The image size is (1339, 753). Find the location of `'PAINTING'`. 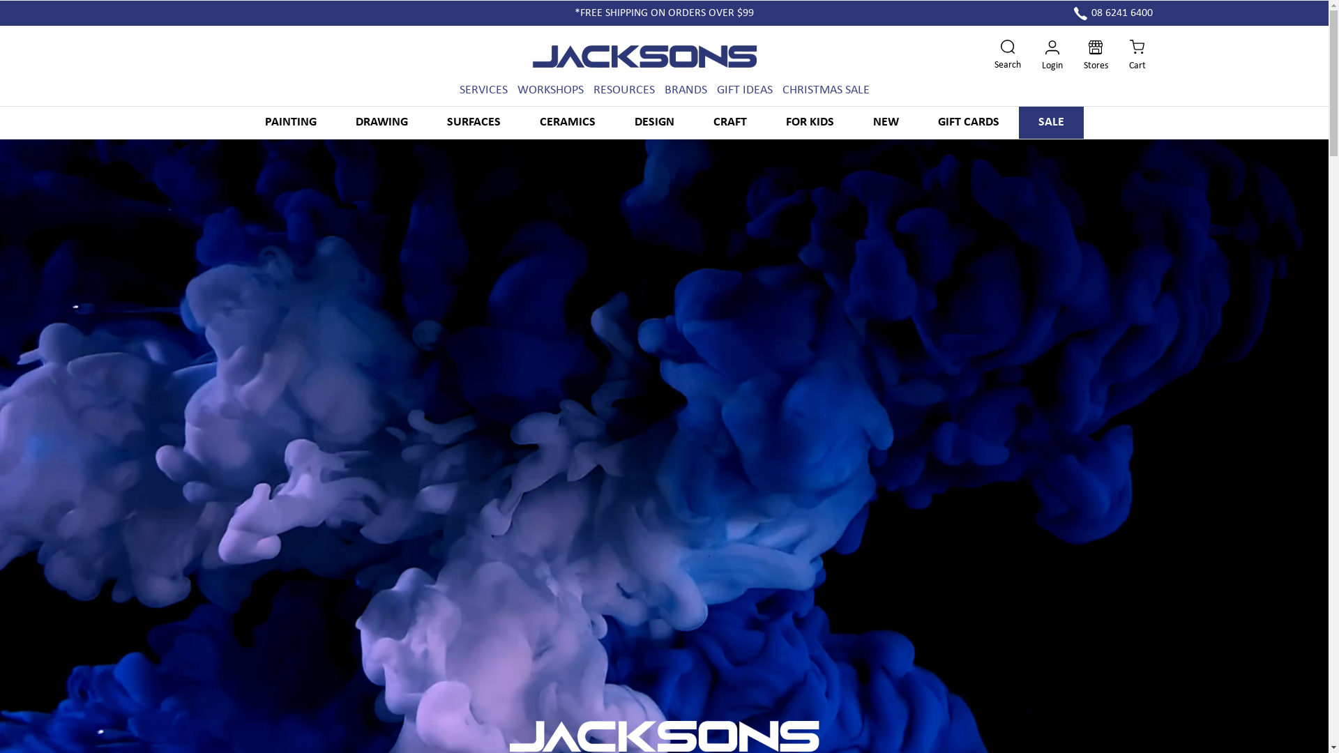

'PAINTING' is located at coordinates (290, 122).